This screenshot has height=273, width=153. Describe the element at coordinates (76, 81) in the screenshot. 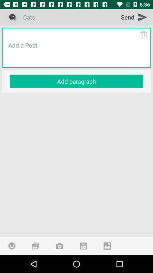

I see `the add paragraph` at that location.